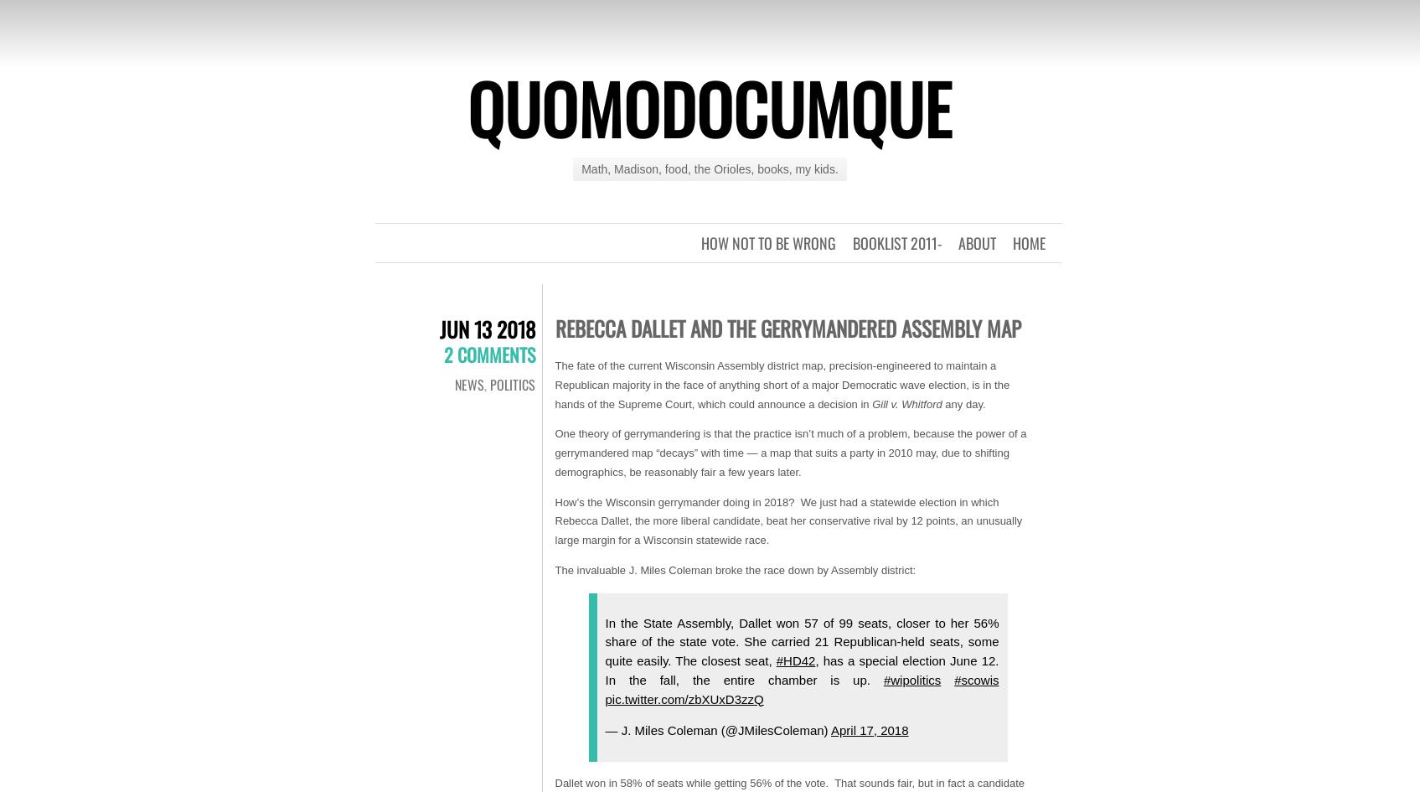 The height and width of the screenshot is (792, 1420). What do you see at coordinates (709, 169) in the screenshot?
I see `'Math, Madison, food, the Orioles, books, my kids.'` at bounding box center [709, 169].